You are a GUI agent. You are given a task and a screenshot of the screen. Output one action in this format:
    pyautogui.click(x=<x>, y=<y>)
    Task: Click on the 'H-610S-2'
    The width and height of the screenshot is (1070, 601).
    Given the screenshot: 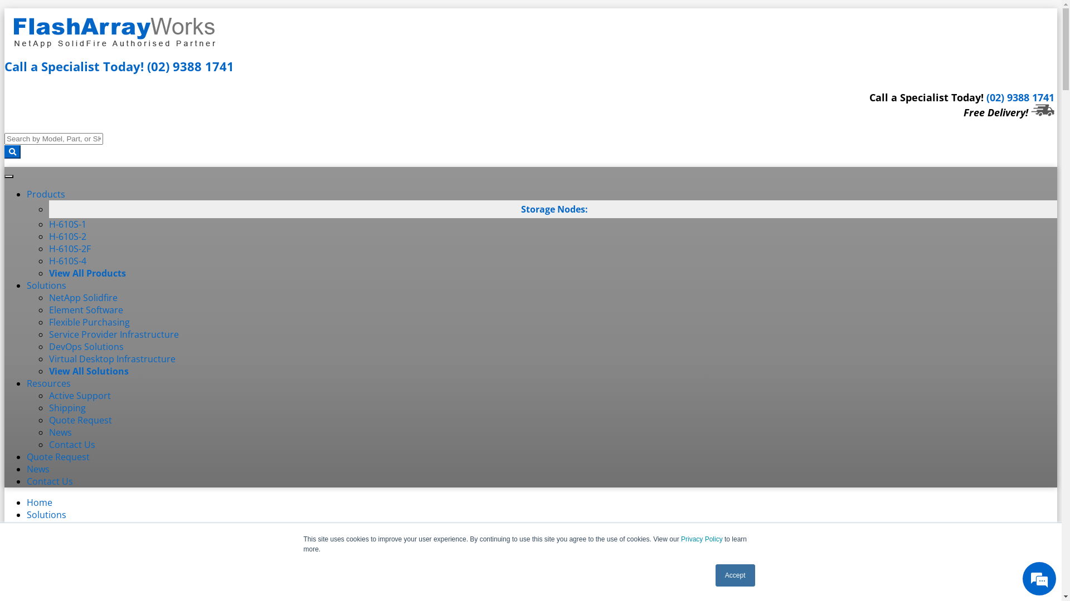 What is the action you would take?
    pyautogui.click(x=67, y=235)
    